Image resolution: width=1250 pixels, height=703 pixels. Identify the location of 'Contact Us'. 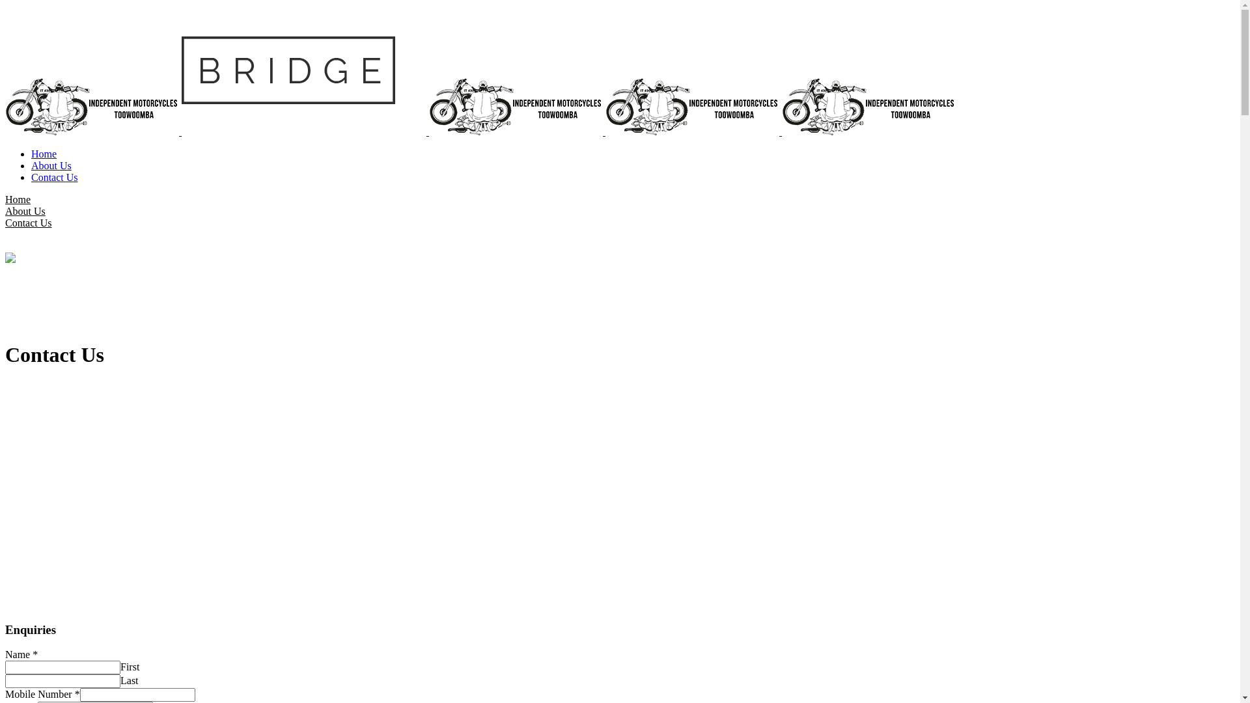
(53, 177).